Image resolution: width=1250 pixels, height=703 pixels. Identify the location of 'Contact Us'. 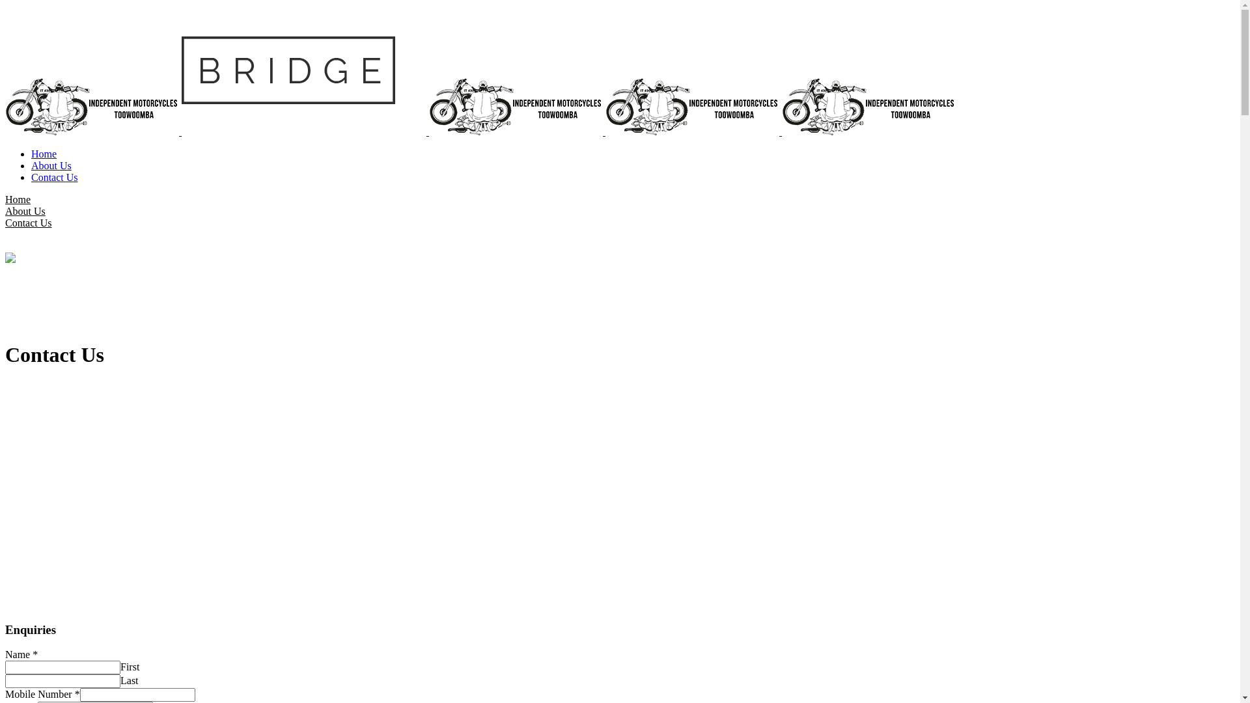
(53, 177).